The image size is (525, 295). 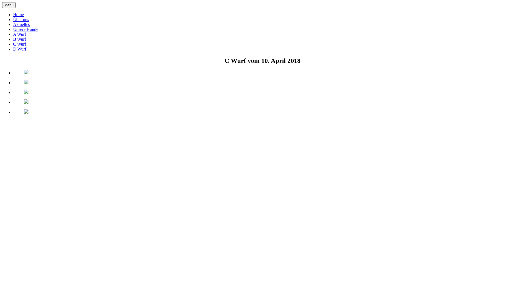 I want to click on 'D Wurf', so click(x=20, y=49).